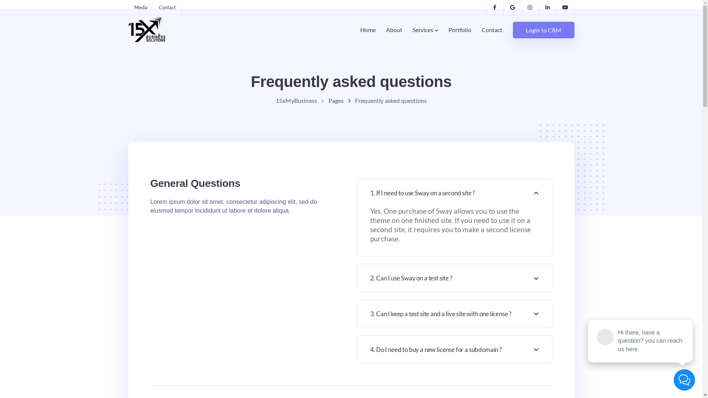 This screenshot has height=398, width=708. What do you see at coordinates (416, 256) in the screenshot?
I see `'Automation Calculator'` at bounding box center [416, 256].